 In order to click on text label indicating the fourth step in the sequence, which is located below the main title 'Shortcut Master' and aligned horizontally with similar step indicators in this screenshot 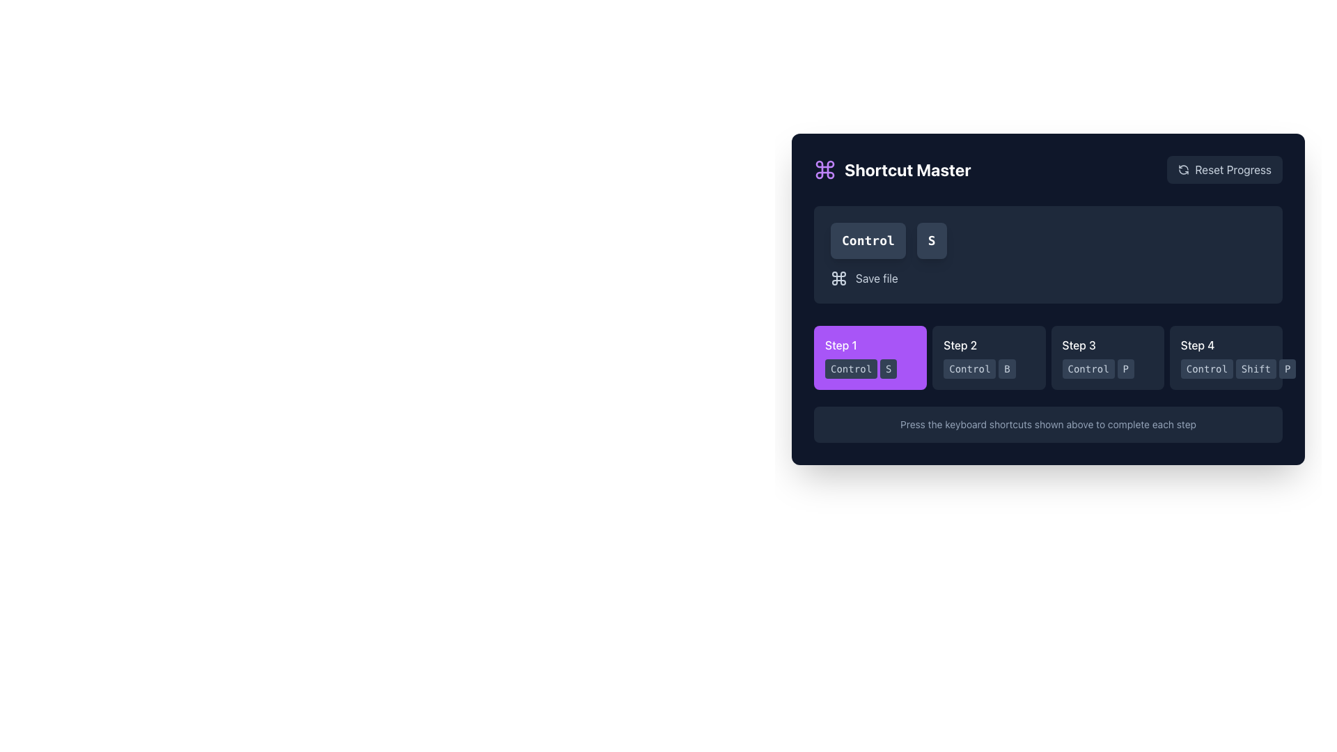, I will do `click(1197, 345)`.